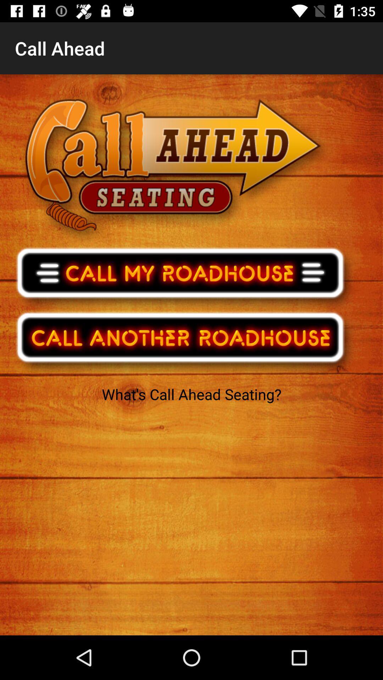  I want to click on call store, so click(185, 277).